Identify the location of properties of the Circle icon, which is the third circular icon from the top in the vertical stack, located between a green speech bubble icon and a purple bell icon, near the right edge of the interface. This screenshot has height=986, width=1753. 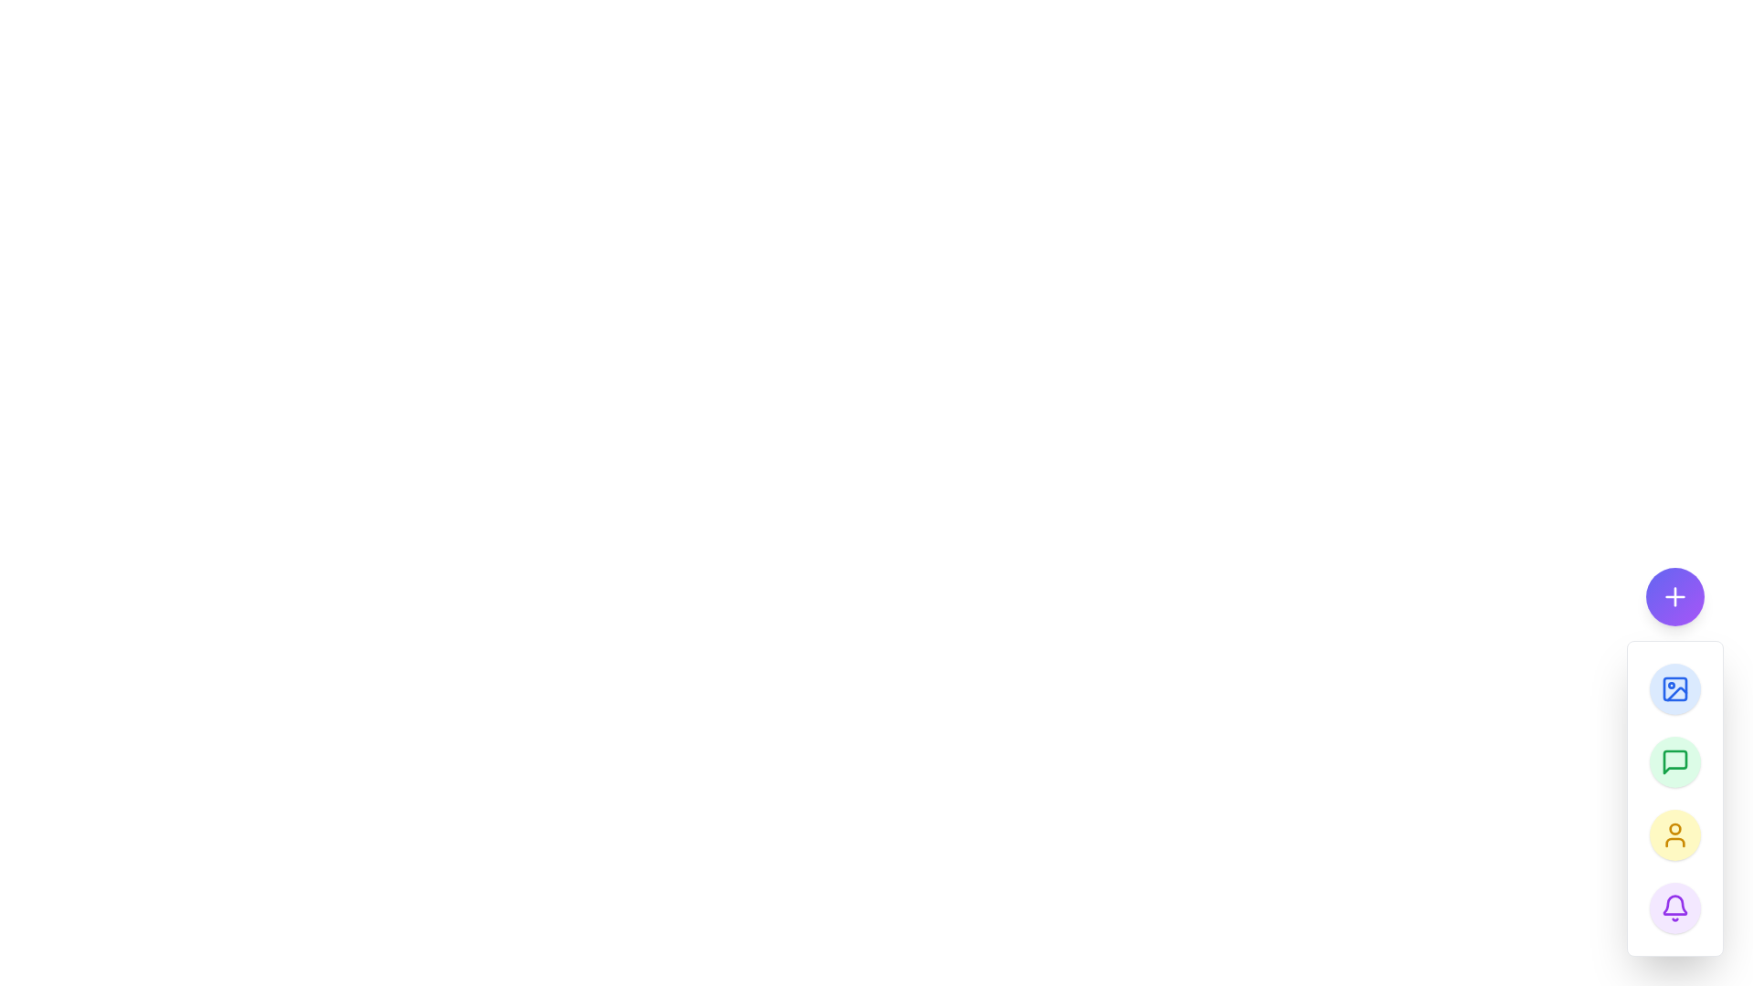
(1674, 828).